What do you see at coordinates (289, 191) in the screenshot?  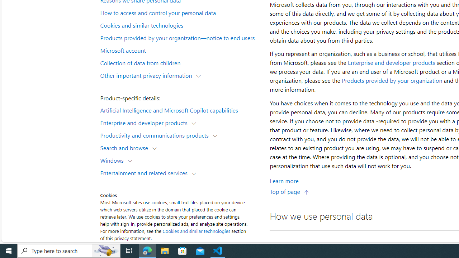 I see `'Top of page'` at bounding box center [289, 191].